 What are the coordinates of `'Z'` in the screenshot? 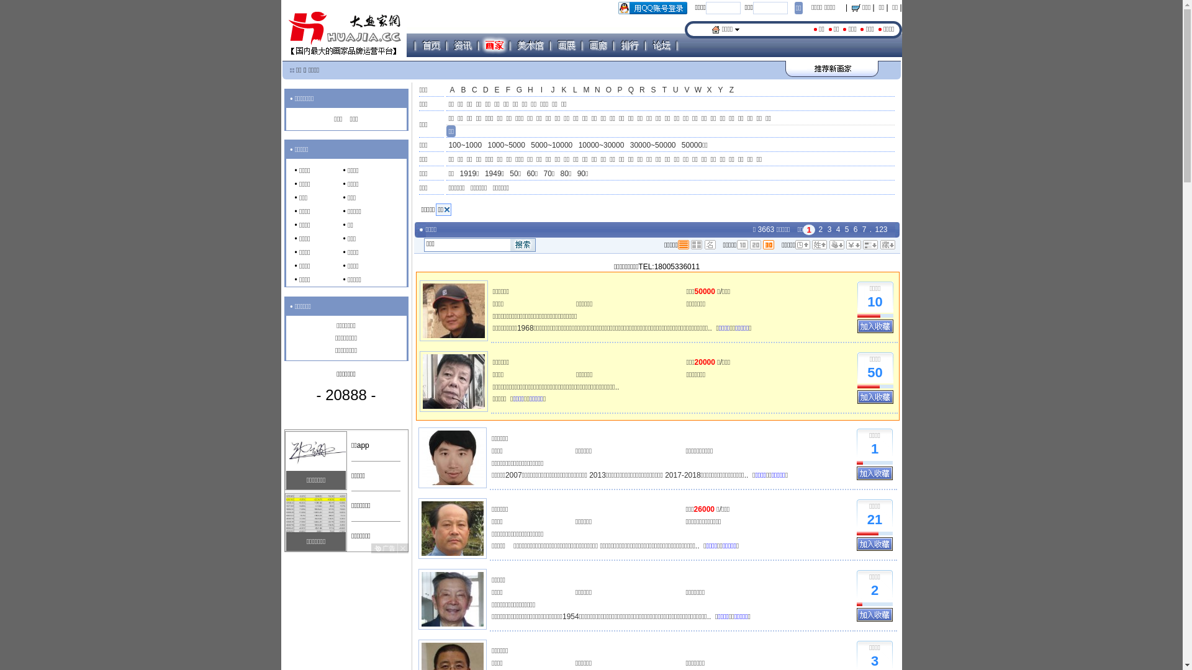 It's located at (731, 90).